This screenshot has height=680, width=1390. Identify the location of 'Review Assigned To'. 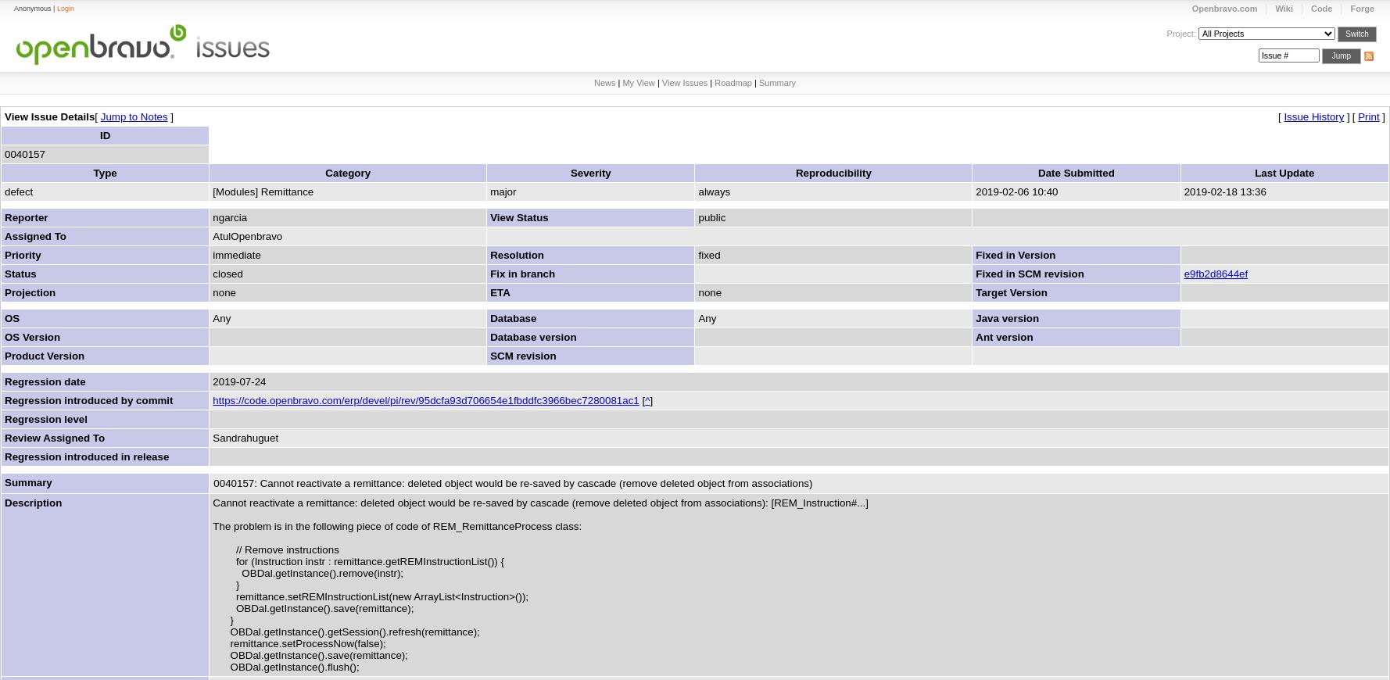
(54, 437).